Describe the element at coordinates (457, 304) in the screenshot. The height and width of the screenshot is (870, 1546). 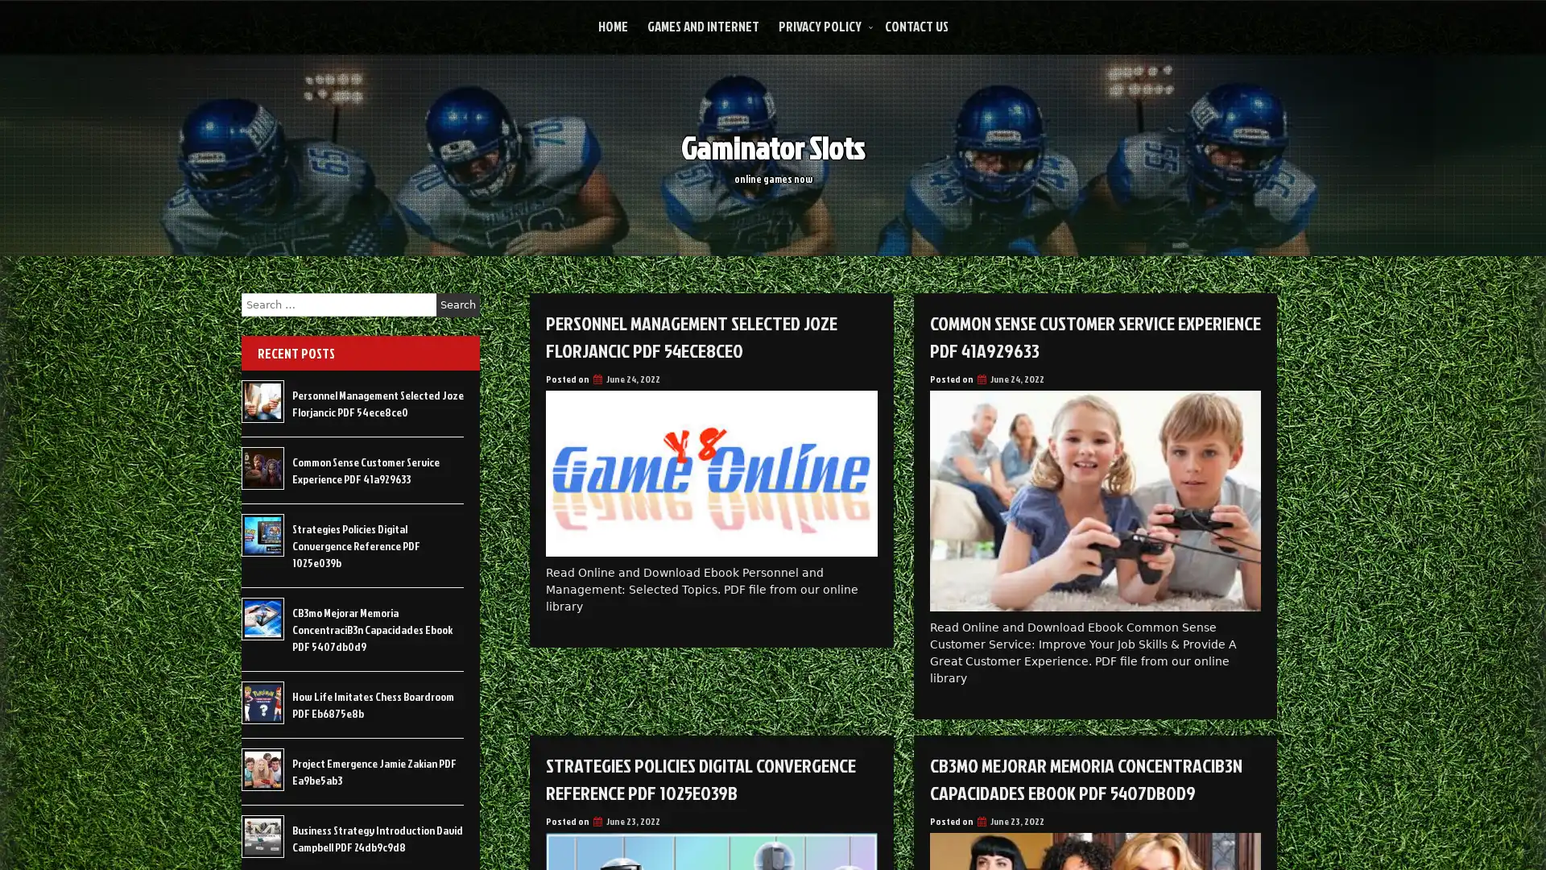
I see `Search` at that location.